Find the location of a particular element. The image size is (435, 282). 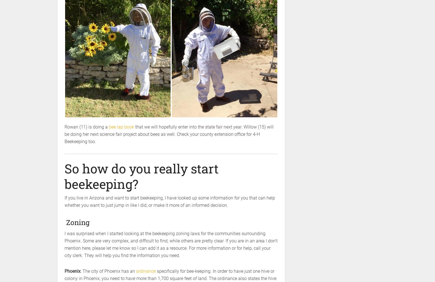

'So how do you really start beekeeping?' is located at coordinates (141, 176).